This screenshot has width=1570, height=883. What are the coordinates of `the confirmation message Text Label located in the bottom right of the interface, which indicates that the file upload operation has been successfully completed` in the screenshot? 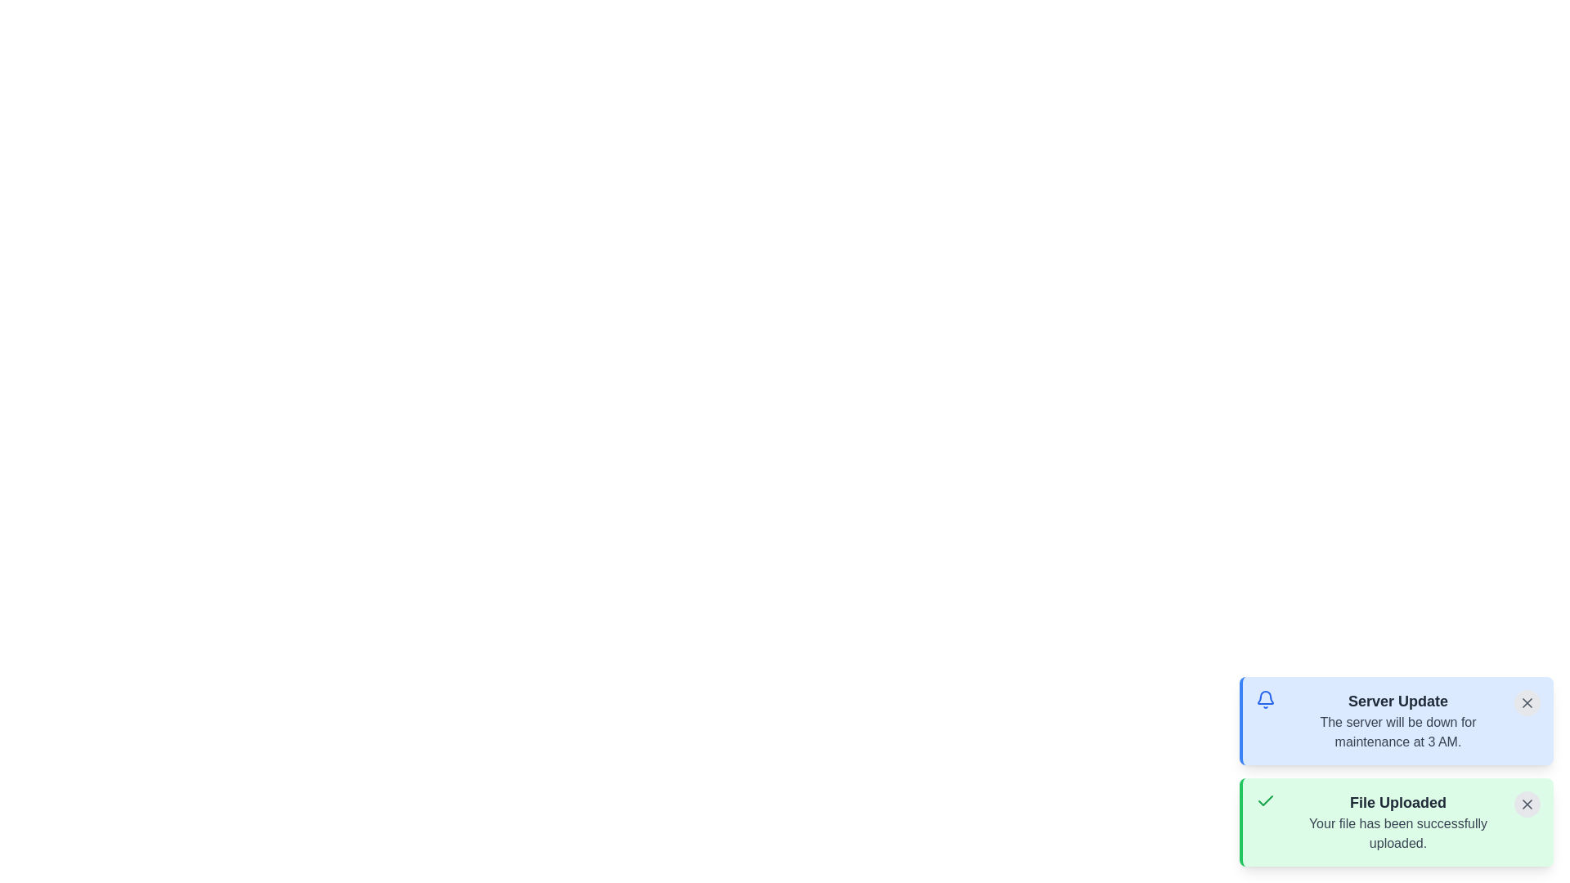 It's located at (1397, 833).